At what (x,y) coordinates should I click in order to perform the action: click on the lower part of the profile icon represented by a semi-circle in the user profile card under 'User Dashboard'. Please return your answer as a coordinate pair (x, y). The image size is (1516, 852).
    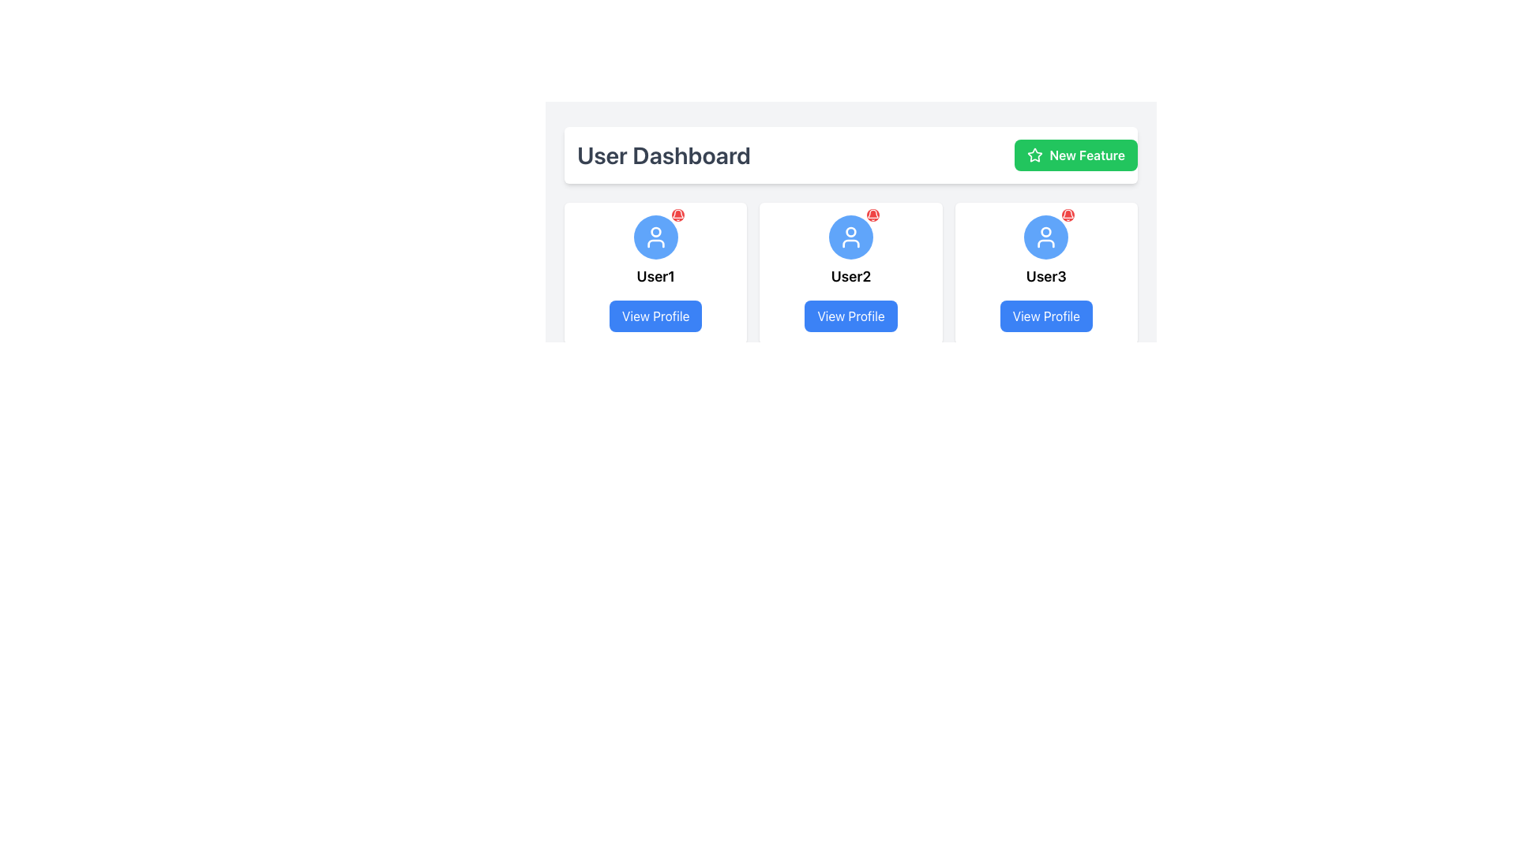
    Looking at the image, I should click on (850, 243).